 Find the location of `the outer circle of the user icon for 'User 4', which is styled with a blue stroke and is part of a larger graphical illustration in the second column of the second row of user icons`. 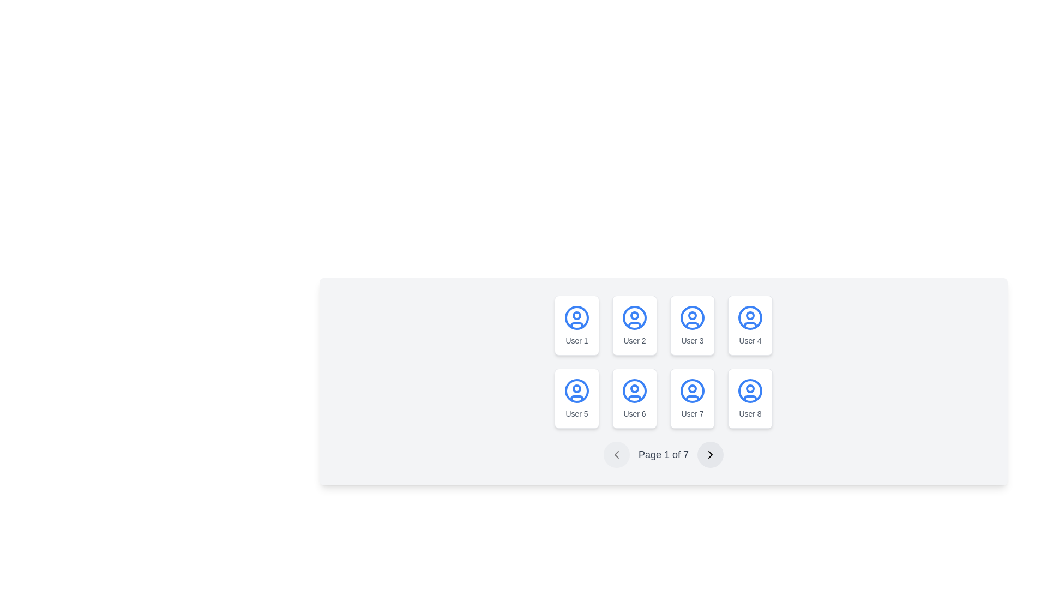

the outer circle of the user icon for 'User 4', which is styled with a blue stroke and is part of a larger graphical illustration in the second column of the second row of user icons is located at coordinates (750, 317).